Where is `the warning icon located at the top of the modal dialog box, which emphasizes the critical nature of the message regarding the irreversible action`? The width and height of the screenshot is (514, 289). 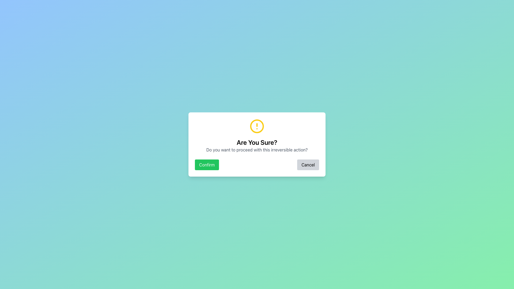 the warning icon located at the top of the modal dialog box, which emphasizes the critical nature of the message regarding the irreversible action is located at coordinates (257, 126).